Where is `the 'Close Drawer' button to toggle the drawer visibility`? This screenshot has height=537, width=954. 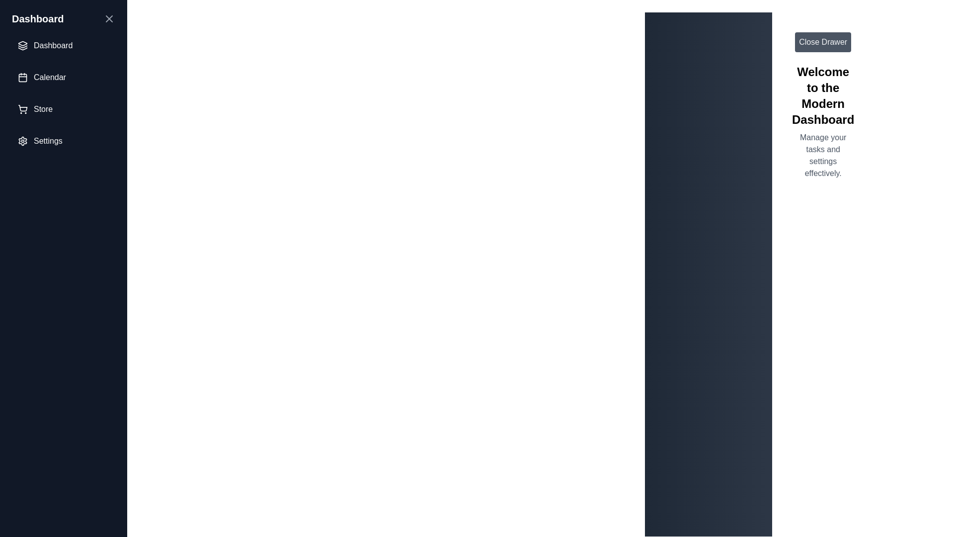
the 'Close Drawer' button to toggle the drawer visibility is located at coordinates (823, 41).